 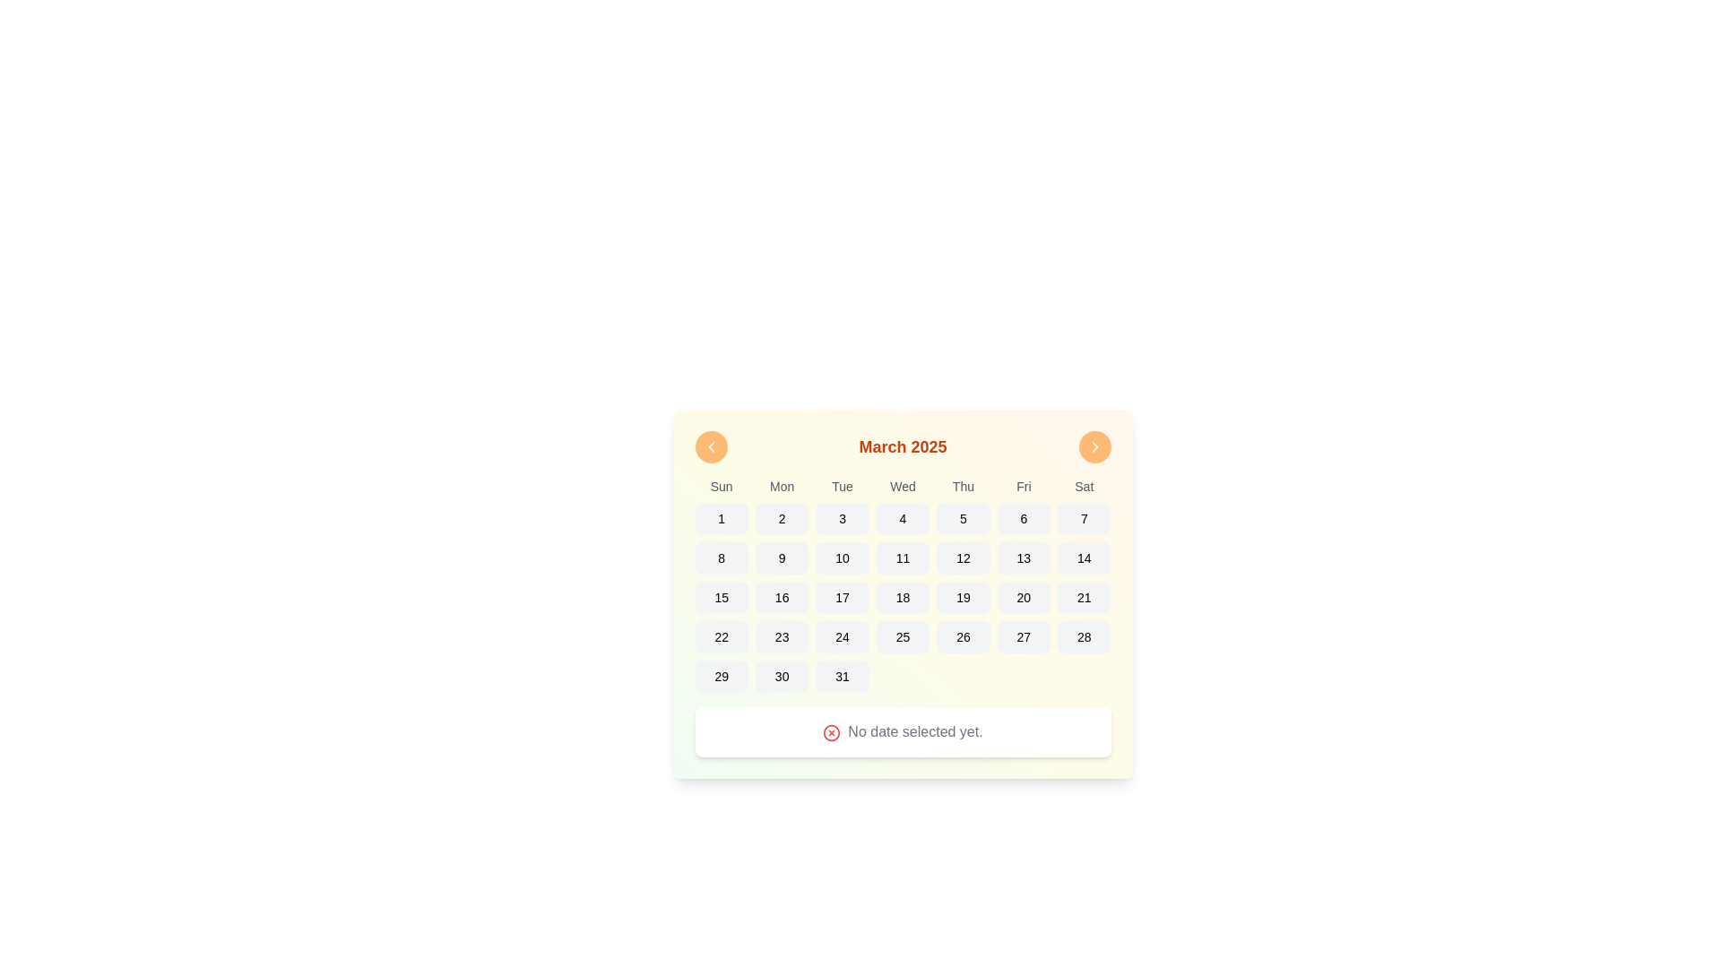 I want to click on the date selection button representing the 28th of the month in the calendar interface located in the last row and seventh column labeled 'Sat', so click(x=1083, y=635).